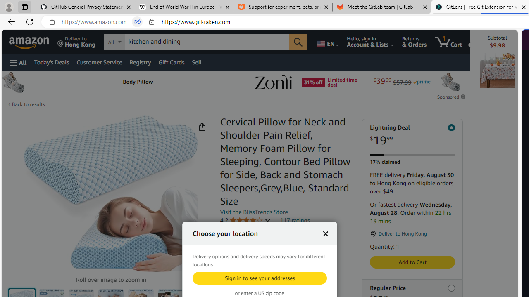 This screenshot has width=529, height=297. Describe the element at coordinates (448, 42) in the screenshot. I see `'1 item in cart'` at that location.